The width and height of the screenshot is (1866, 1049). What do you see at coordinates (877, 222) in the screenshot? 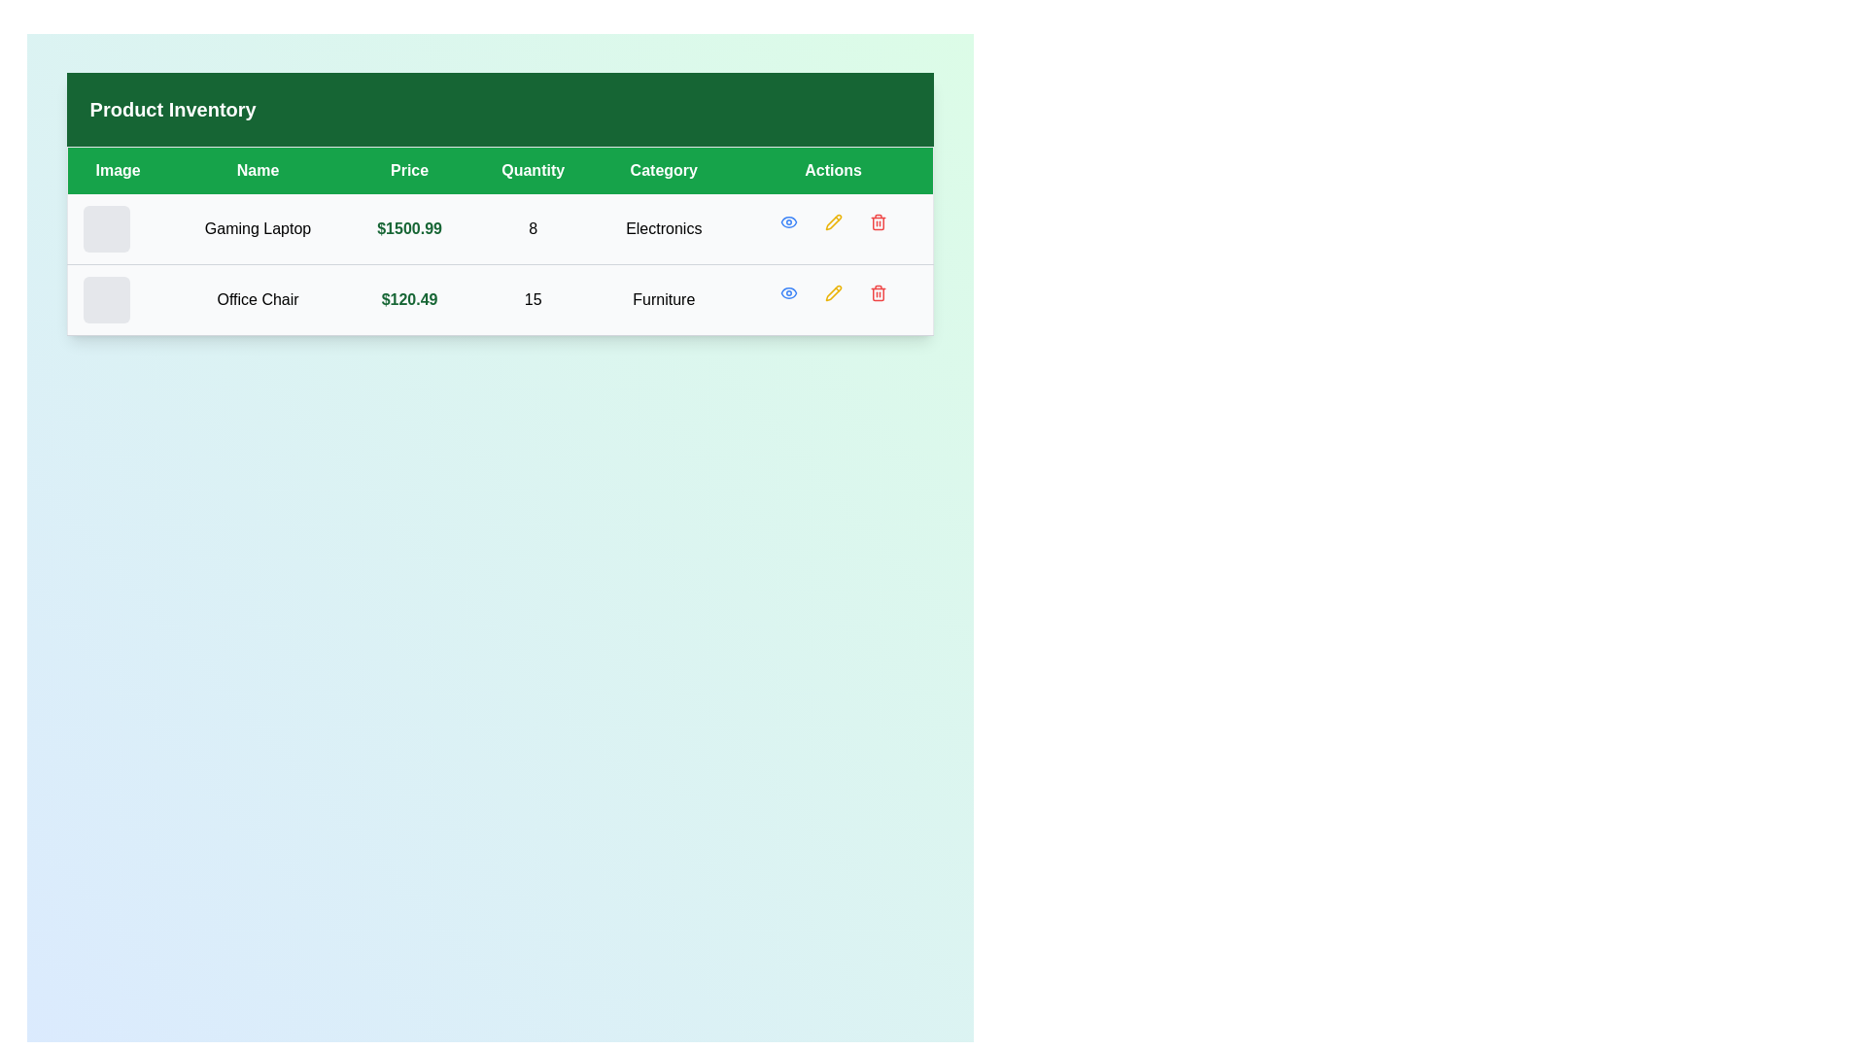
I see `the trash can button in the 'Actions' column of the 'Product Inventory' table` at bounding box center [877, 222].